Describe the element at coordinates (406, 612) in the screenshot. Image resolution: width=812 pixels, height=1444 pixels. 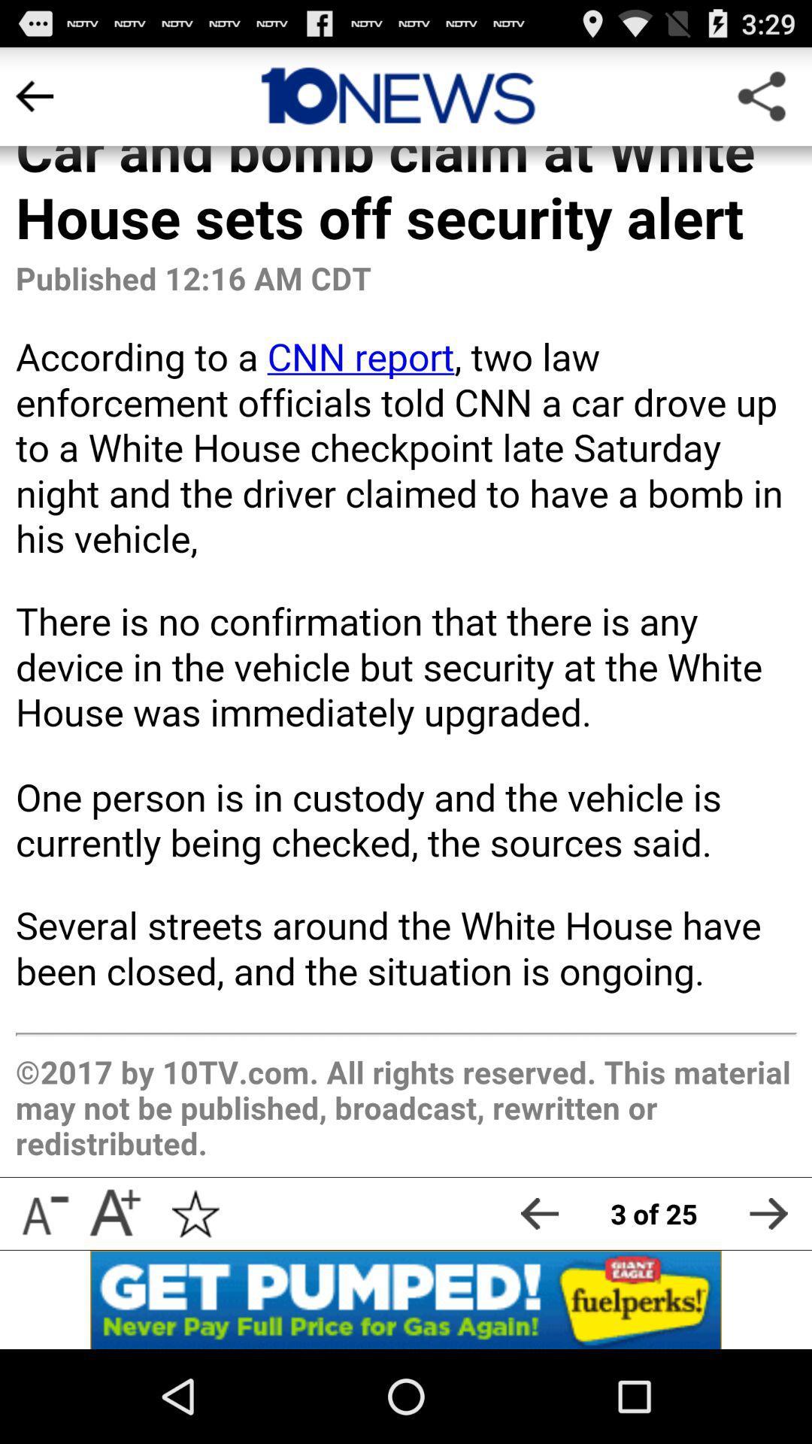
I see `the entire article` at that location.